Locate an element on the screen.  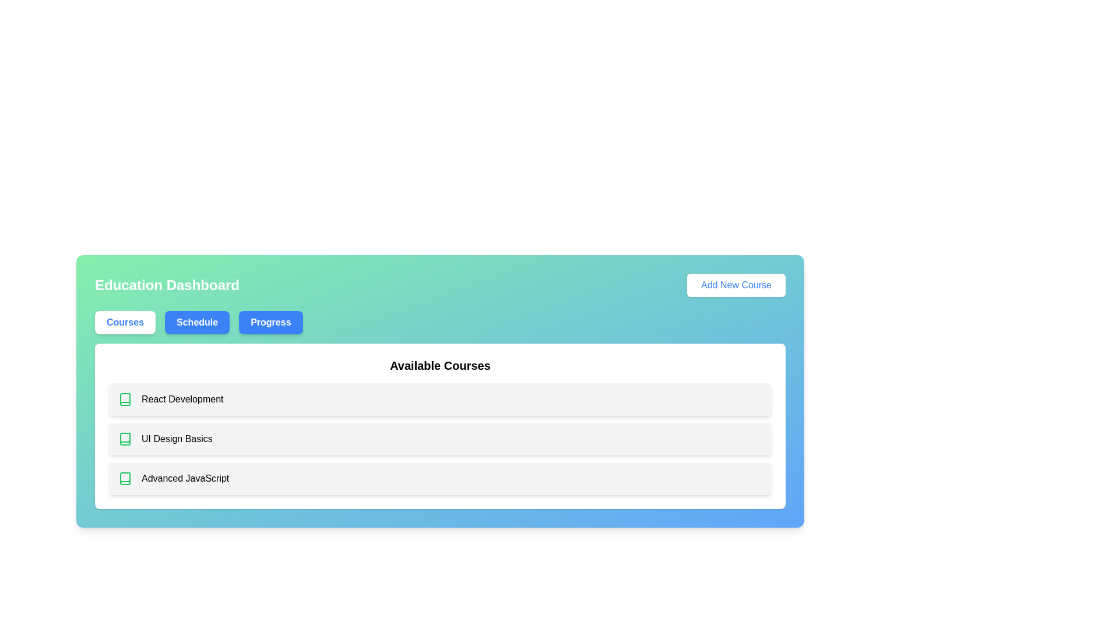
the second navigational tab button, located between the 'Courses' and 'Progress' buttons is located at coordinates (197, 323).